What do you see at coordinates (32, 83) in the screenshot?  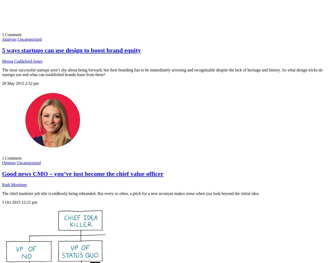 I see `'2:52 pm'` at bounding box center [32, 83].